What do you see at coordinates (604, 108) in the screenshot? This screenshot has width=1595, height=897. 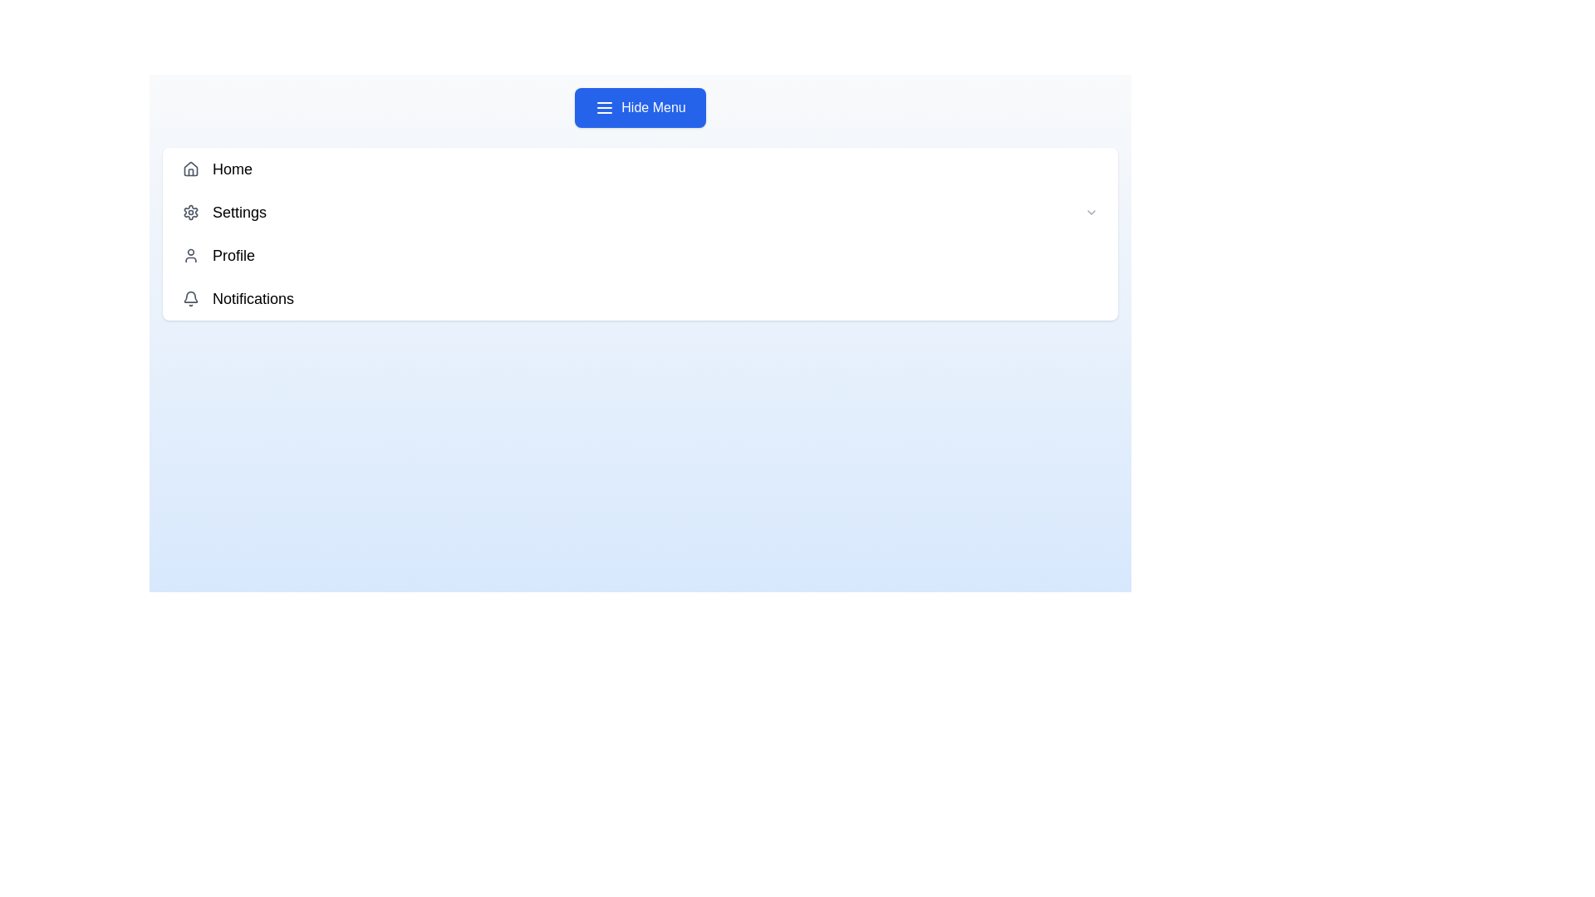 I see `the menu icon, which is represented as three horizontal lines on a blue background, located on the left side of the 'Hide Menu' button` at bounding box center [604, 108].